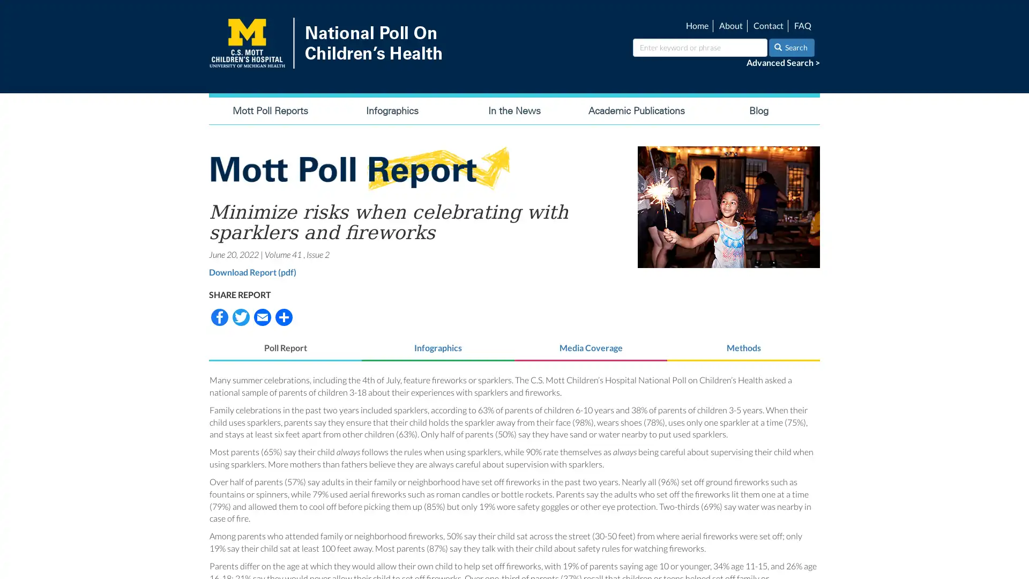  What do you see at coordinates (792, 47) in the screenshot?
I see `Search` at bounding box center [792, 47].